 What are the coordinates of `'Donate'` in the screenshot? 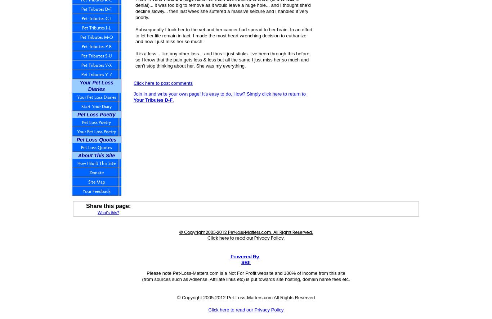 It's located at (96, 172).